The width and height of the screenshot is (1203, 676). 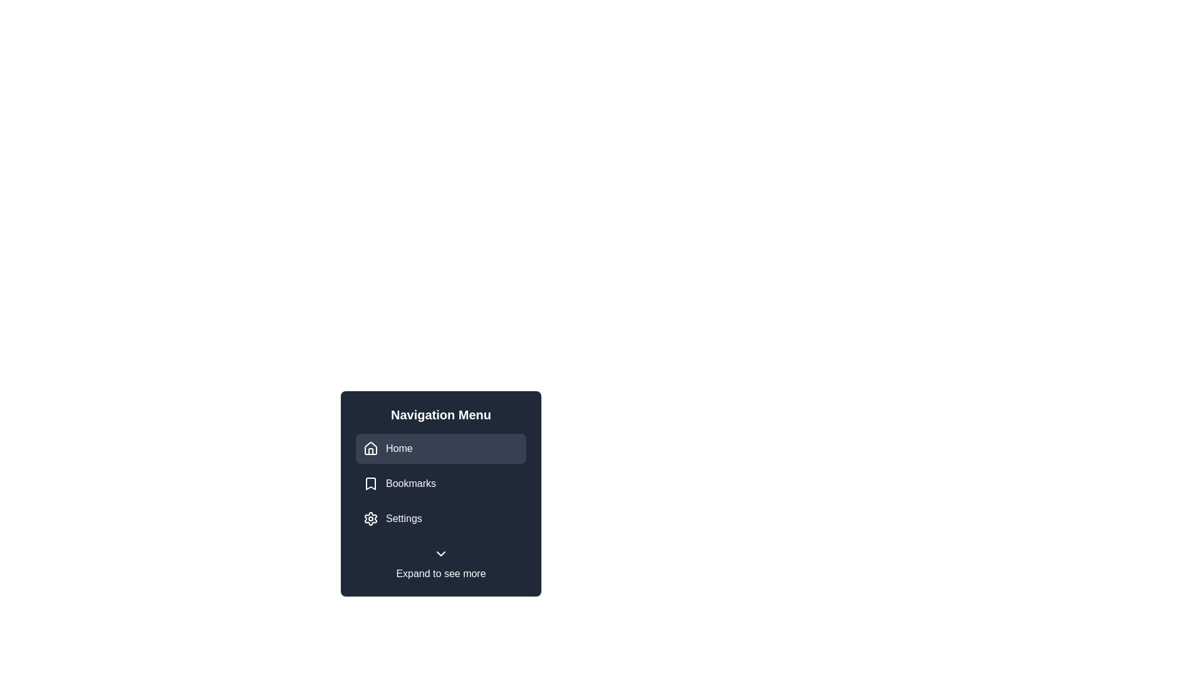 What do you see at coordinates (398, 448) in the screenshot?
I see `the 'Home' text label in the navigation menu, which serves as a label for the Home option` at bounding box center [398, 448].